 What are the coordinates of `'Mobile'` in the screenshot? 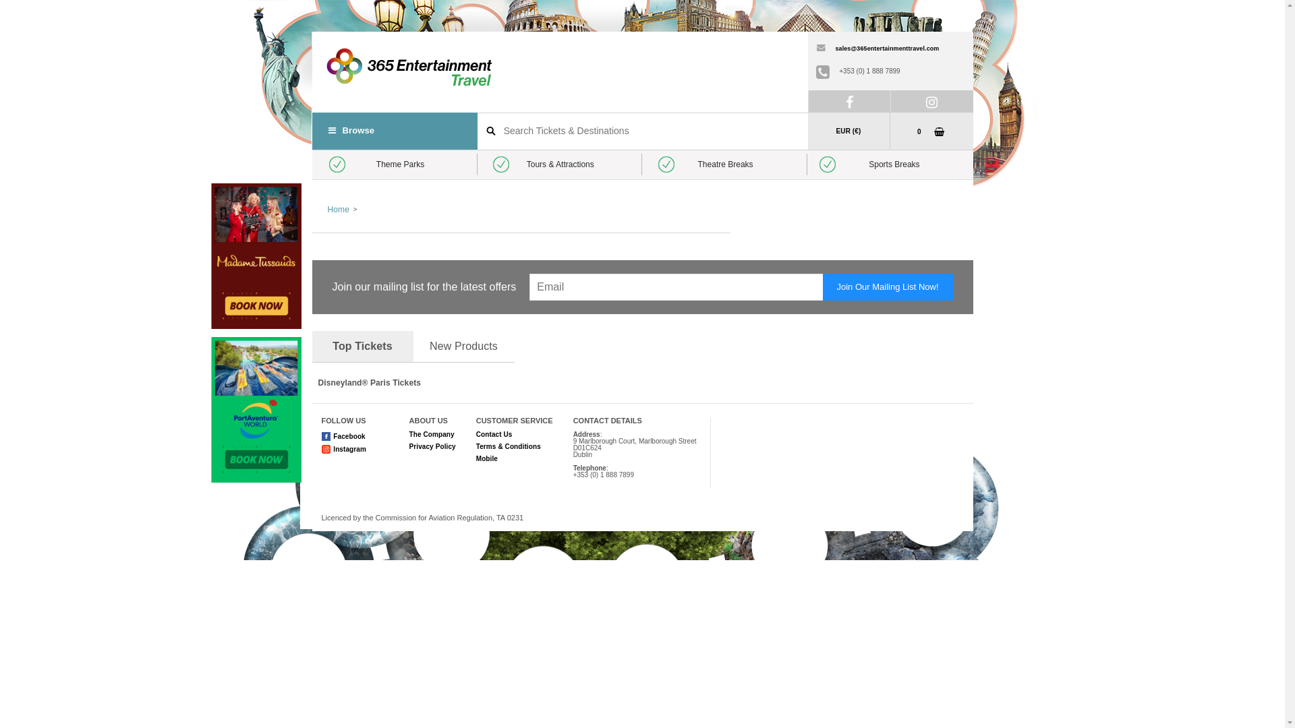 It's located at (486, 458).